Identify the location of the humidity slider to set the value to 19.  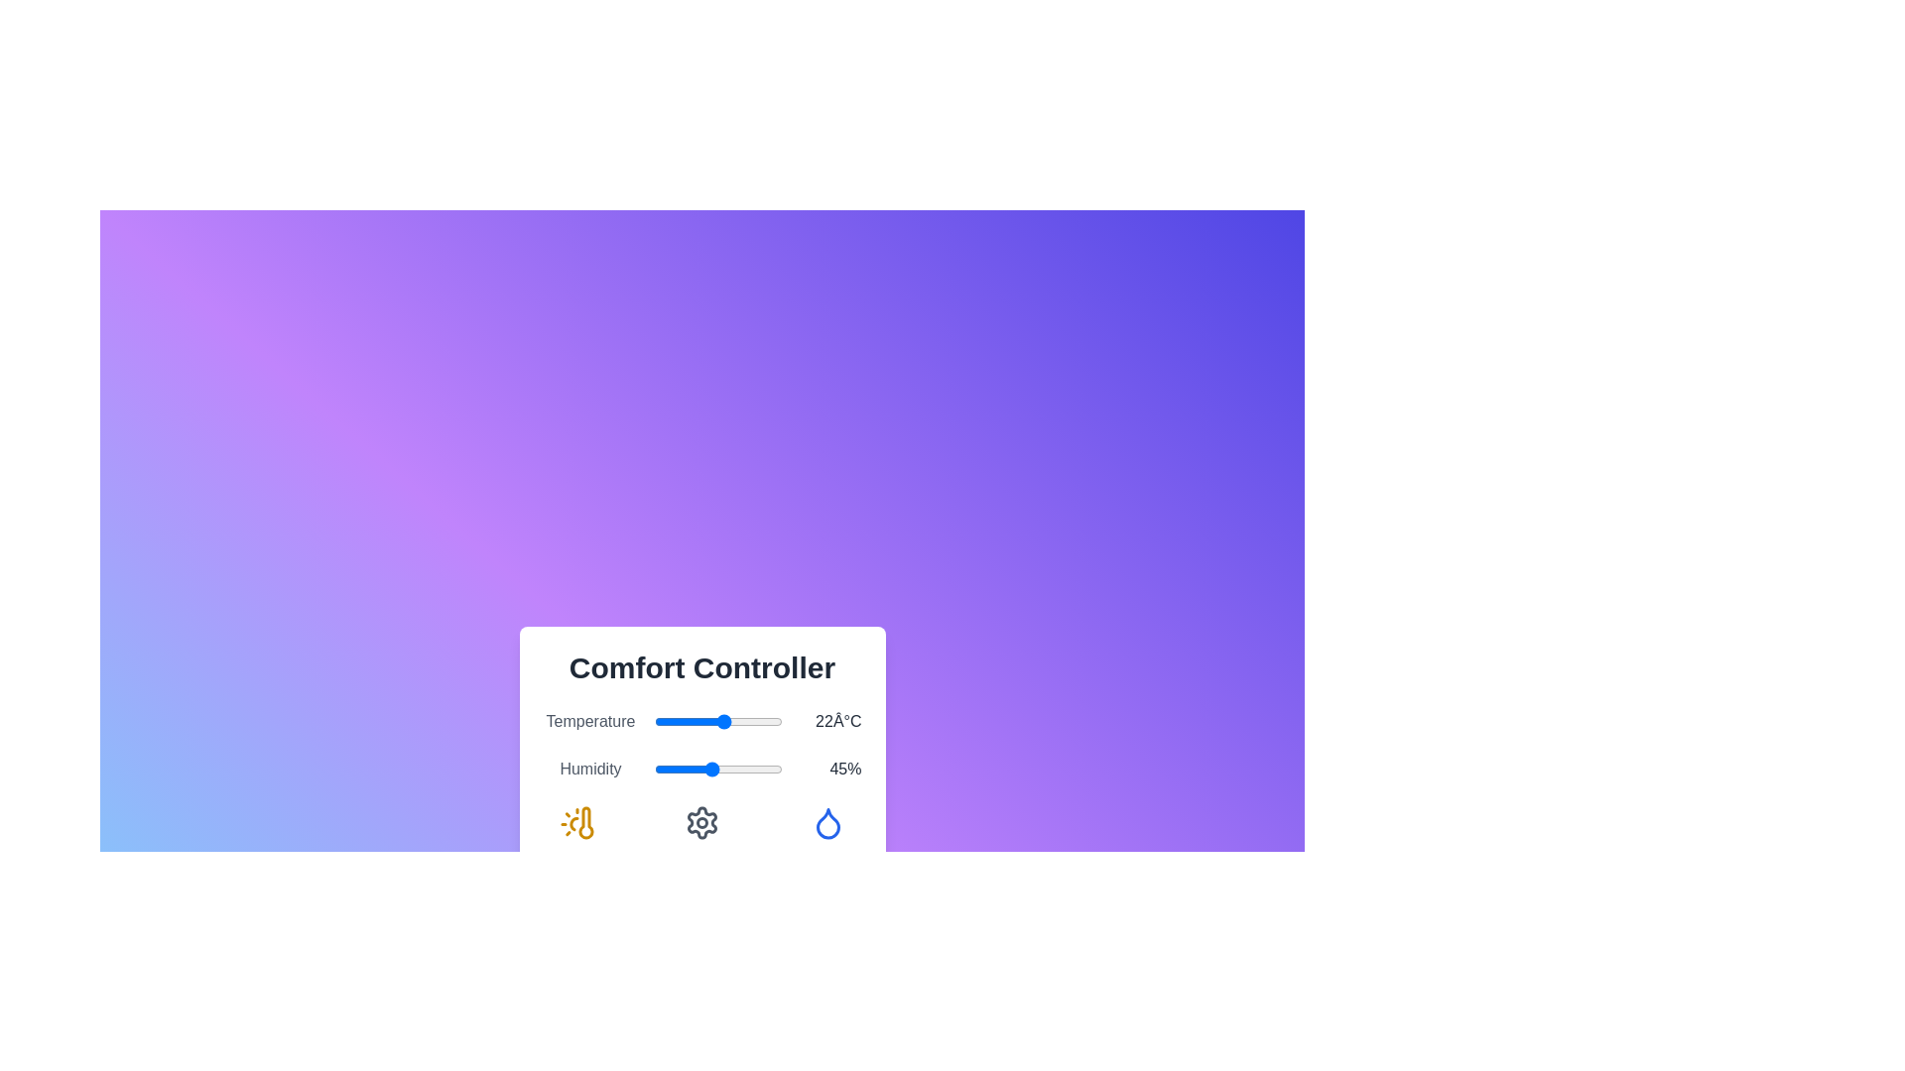
(679, 768).